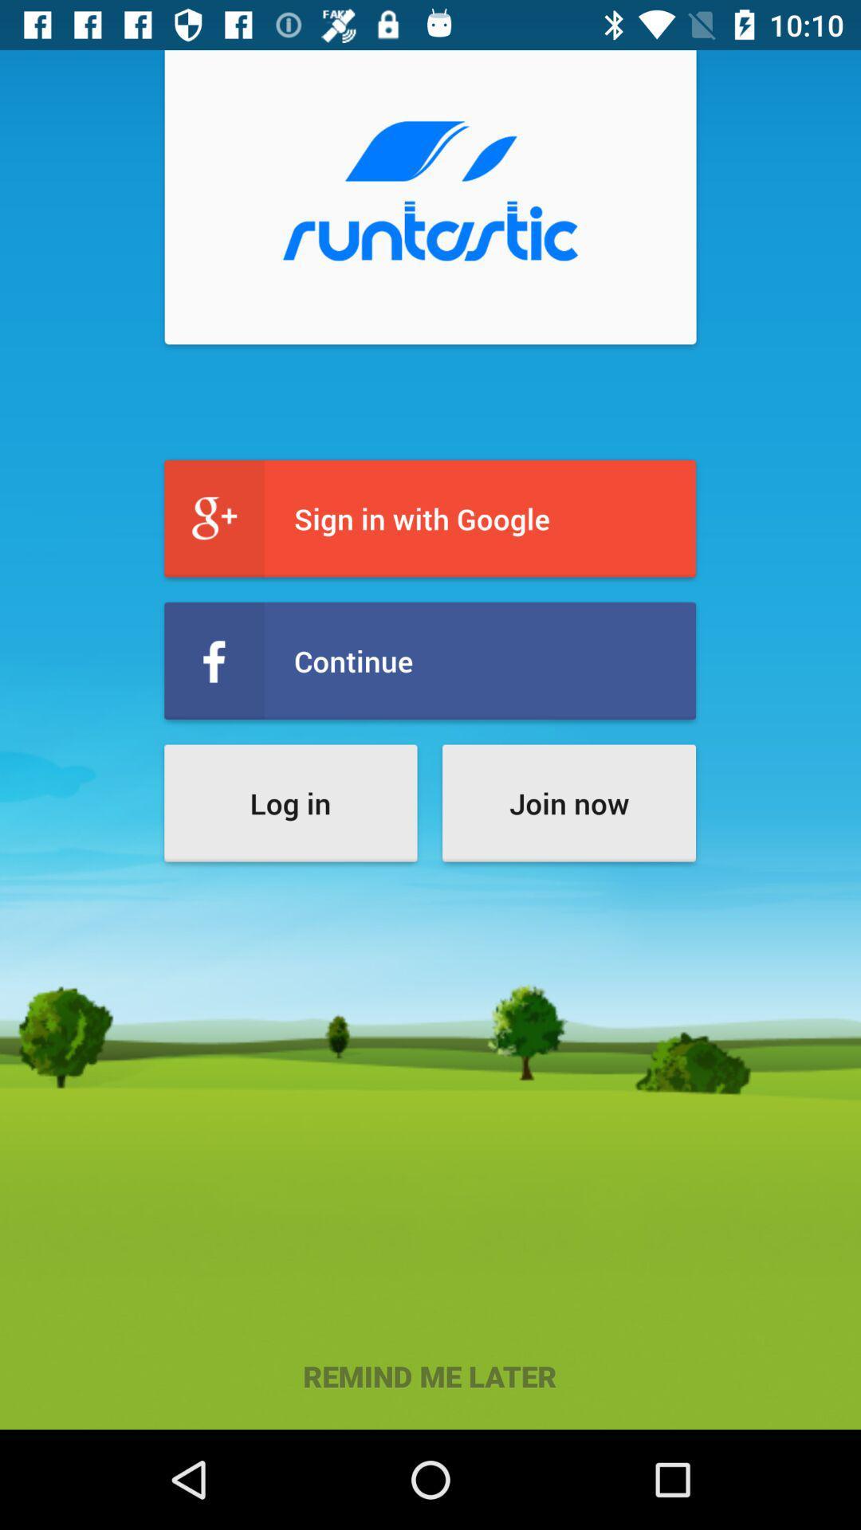 The image size is (861, 1530). Describe the element at coordinates (568, 803) in the screenshot. I see `item above the remind me later icon` at that location.